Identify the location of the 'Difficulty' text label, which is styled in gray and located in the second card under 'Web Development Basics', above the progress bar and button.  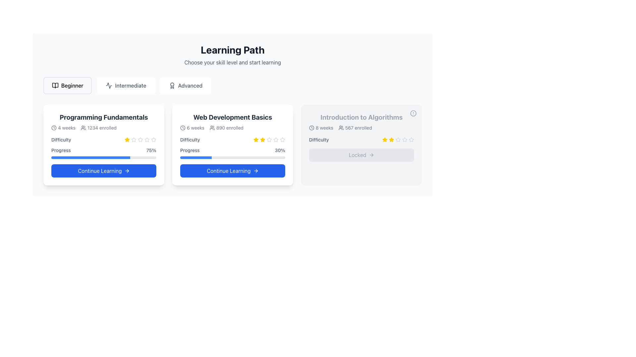
(189, 139).